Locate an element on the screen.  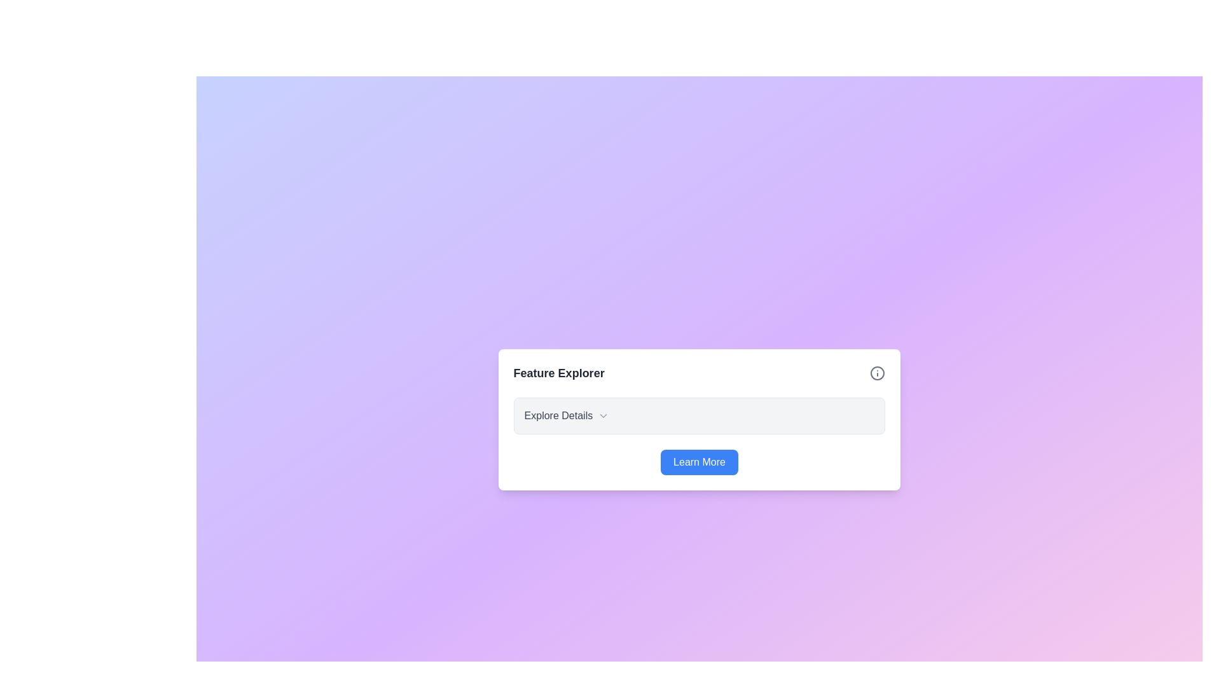
the small information icon with an 'i' character in the center, located in the top-right corner of the 'Feature Explorer' panel is located at coordinates (877, 372).